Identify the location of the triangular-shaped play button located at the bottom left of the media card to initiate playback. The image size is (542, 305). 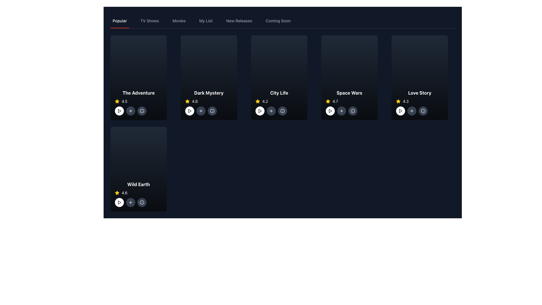
(119, 202).